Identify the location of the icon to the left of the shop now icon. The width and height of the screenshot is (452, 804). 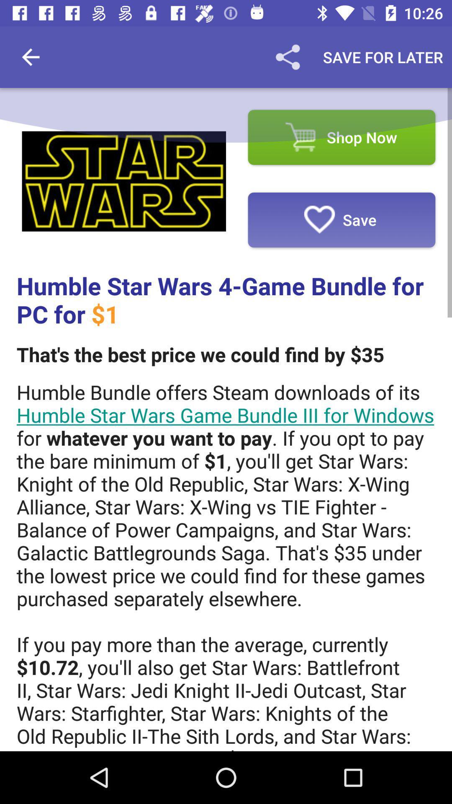
(124, 181).